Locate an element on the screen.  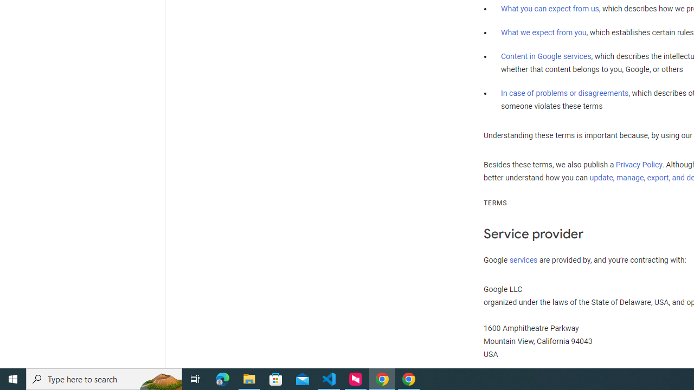
'In case of problems or disagreements' is located at coordinates (564, 92).